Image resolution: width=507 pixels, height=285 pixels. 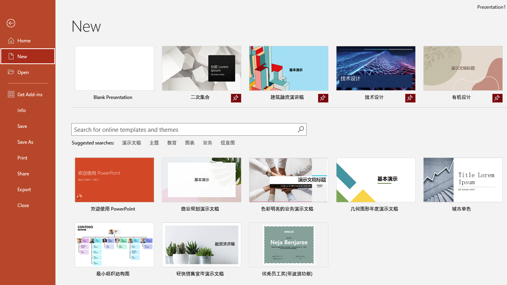 I want to click on 'Blank Presentation', so click(x=114, y=74).